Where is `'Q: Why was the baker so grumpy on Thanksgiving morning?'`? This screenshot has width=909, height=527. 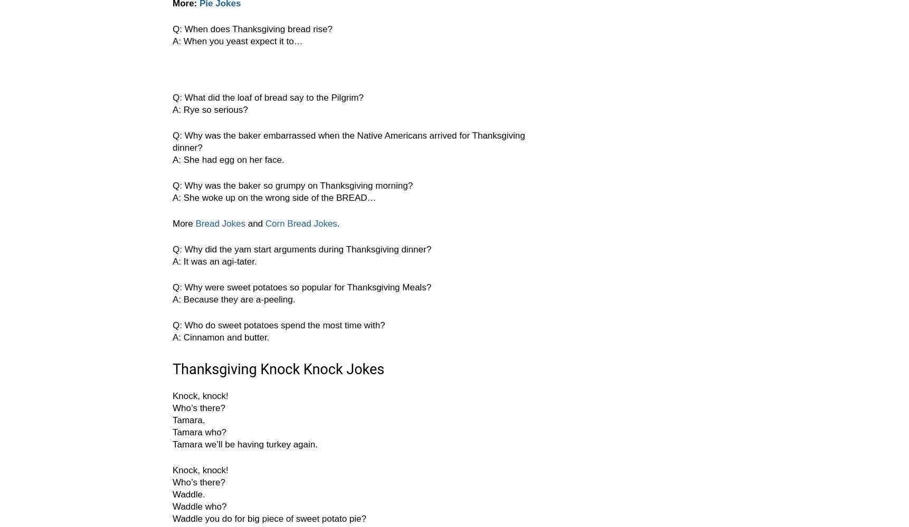 'Q: Why was the baker so grumpy on Thanksgiving morning?' is located at coordinates (292, 185).